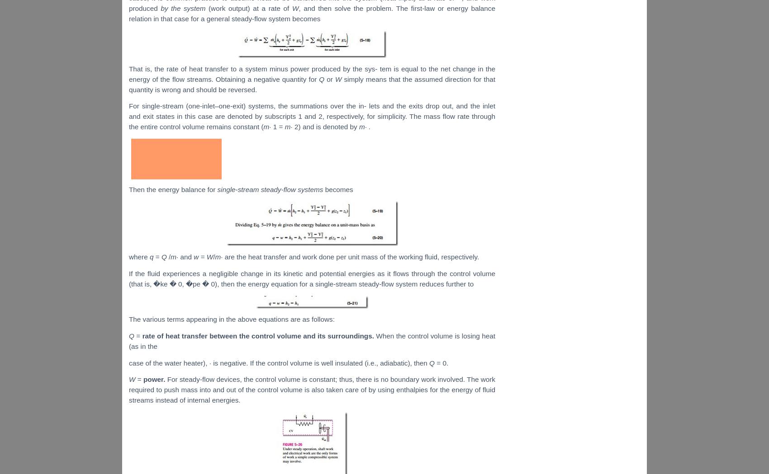 The width and height of the screenshot is (769, 474). I want to click on 'When the control volume is losing heat (as in the', so click(312, 340).